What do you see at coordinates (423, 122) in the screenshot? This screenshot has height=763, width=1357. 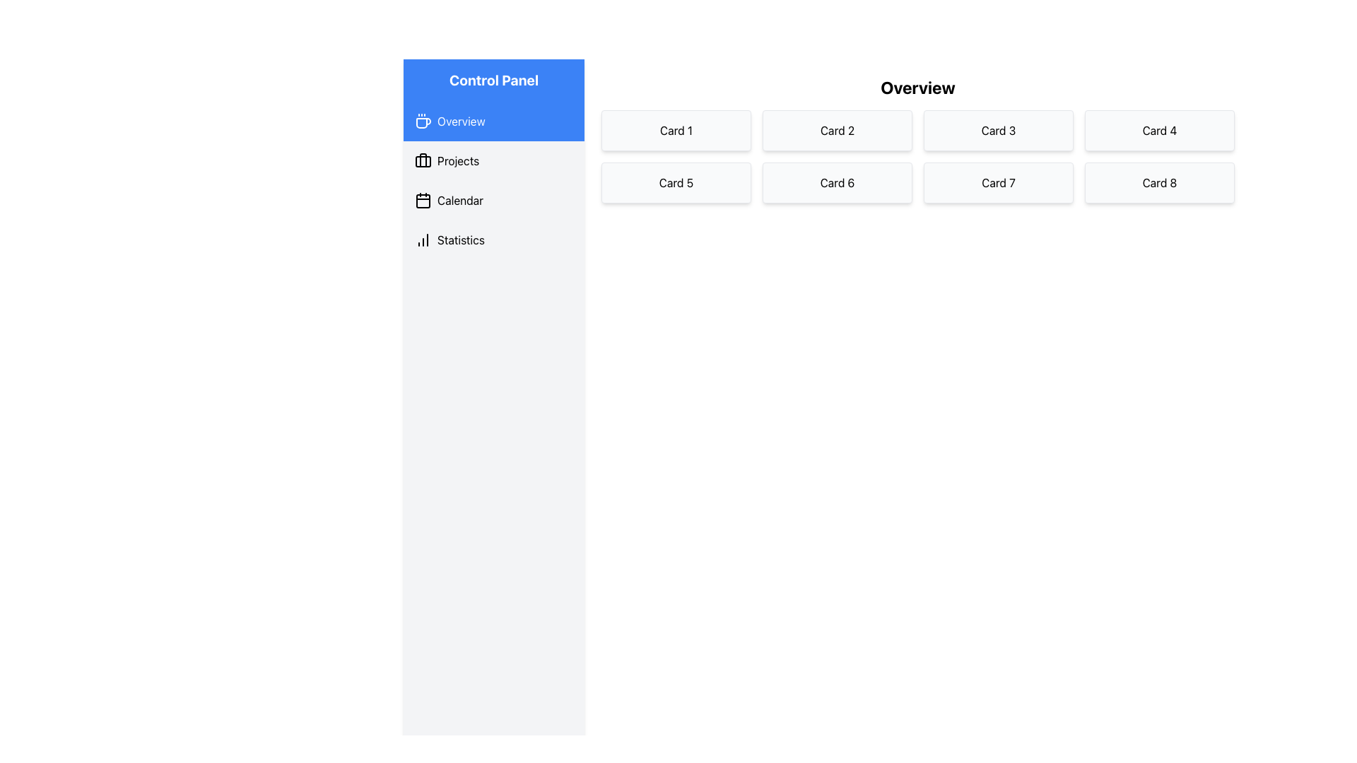 I see `the coffee mug icon located to the left of the 'Overview' label in the blue-highlighted section of the navigation menu` at bounding box center [423, 122].